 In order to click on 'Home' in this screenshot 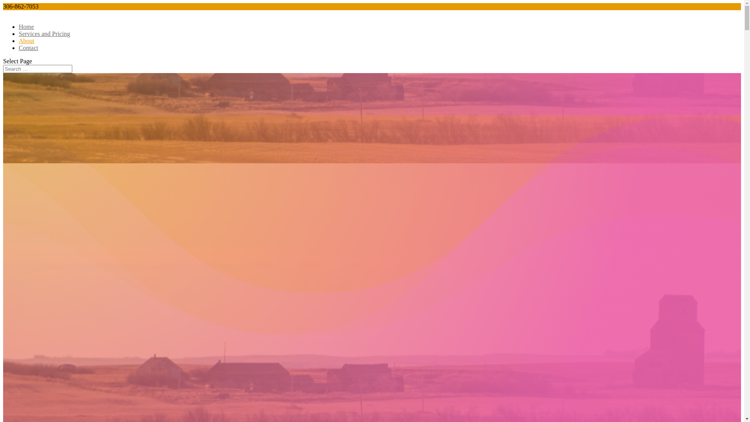, I will do `click(26, 26)`.